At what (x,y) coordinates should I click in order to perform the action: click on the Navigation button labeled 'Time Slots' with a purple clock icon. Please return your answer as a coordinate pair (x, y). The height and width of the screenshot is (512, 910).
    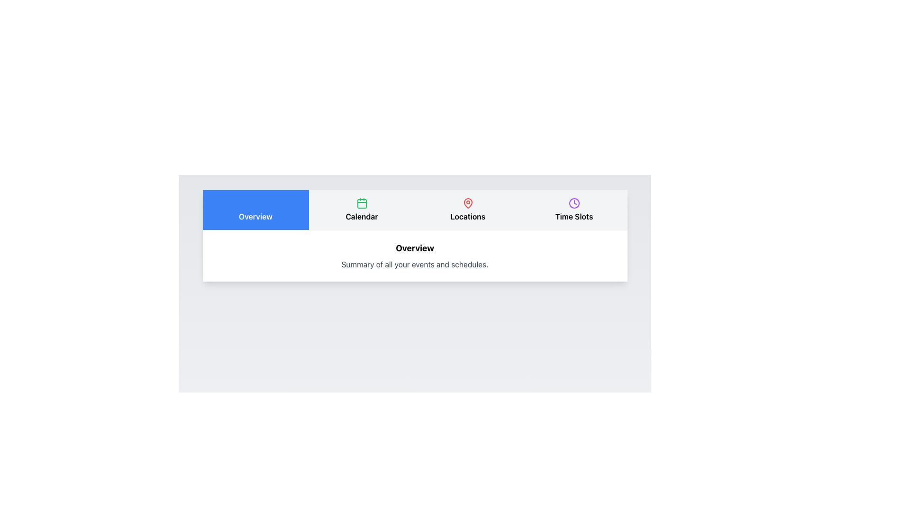
    Looking at the image, I should click on (573, 210).